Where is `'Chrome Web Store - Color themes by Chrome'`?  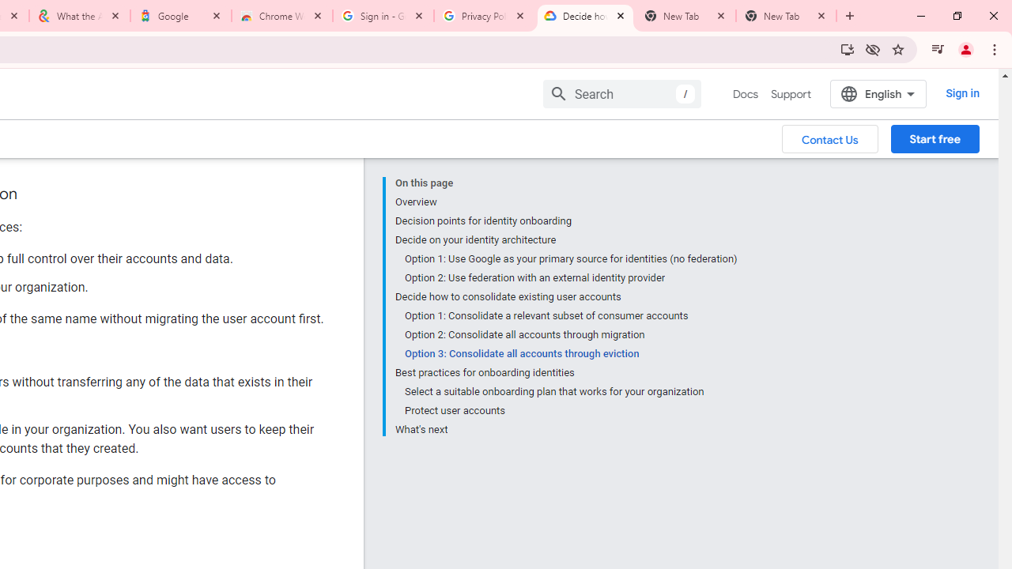
'Chrome Web Store - Color themes by Chrome' is located at coordinates (282, 16).